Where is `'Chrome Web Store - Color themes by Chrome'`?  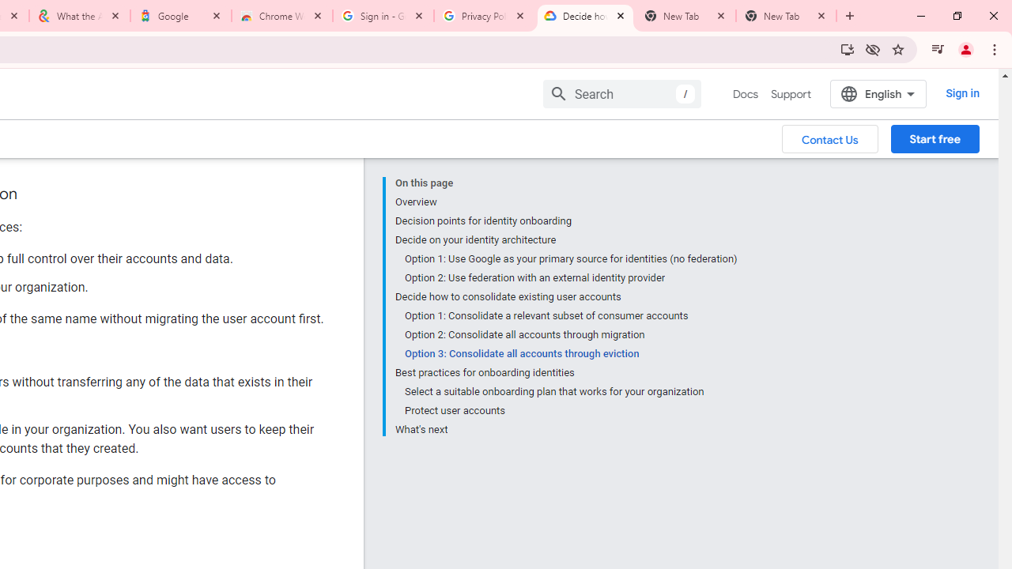
'Chrome Web Store - Color themes by Chrome' is located at coordinates (282, 16).